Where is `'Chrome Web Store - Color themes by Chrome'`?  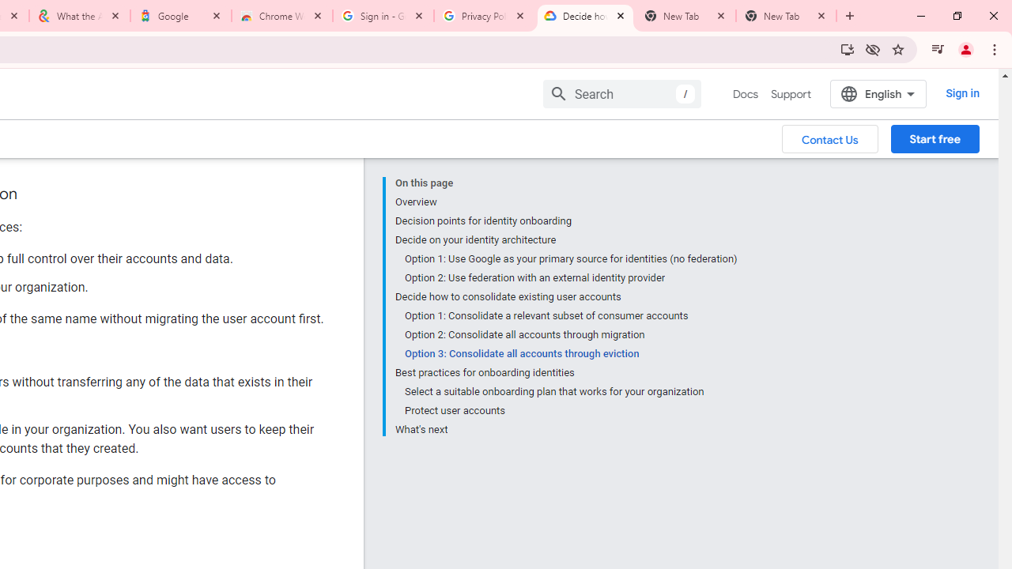
'Chrome Web Store - Color themes by Chrome' is located at coordinates (282, 16).